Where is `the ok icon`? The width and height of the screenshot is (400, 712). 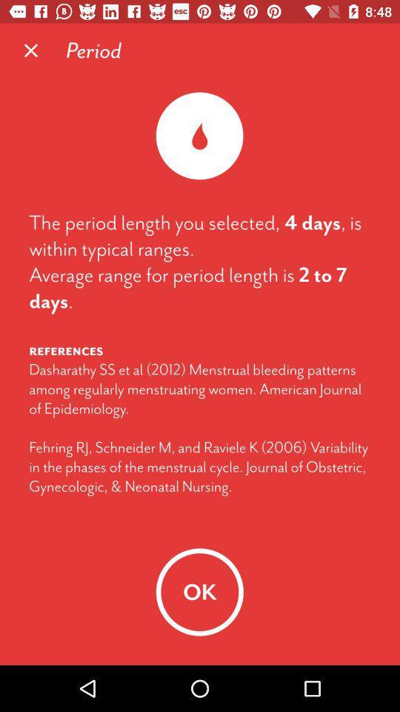
the ok icon is located at coordinates (199, 592).